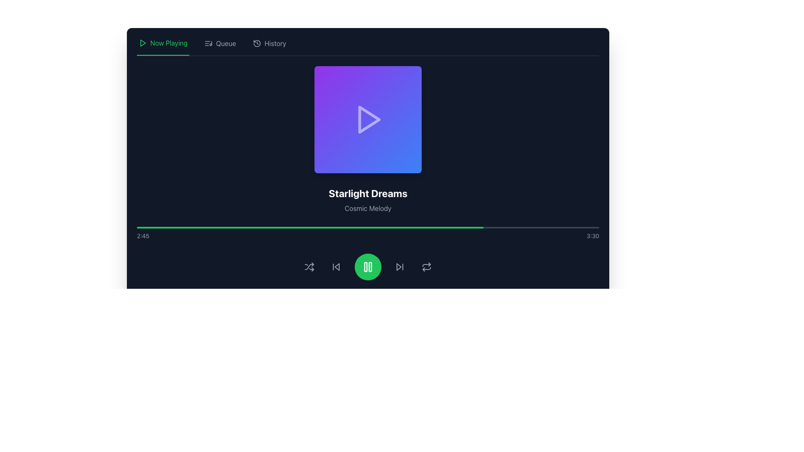 The height and width of the screenshot is (452, 804). Describe the element at coordinates (208, 44) in the screenshot. I see `the queue icon located next to the 'Queue' label in the top navigation bar` at that location.